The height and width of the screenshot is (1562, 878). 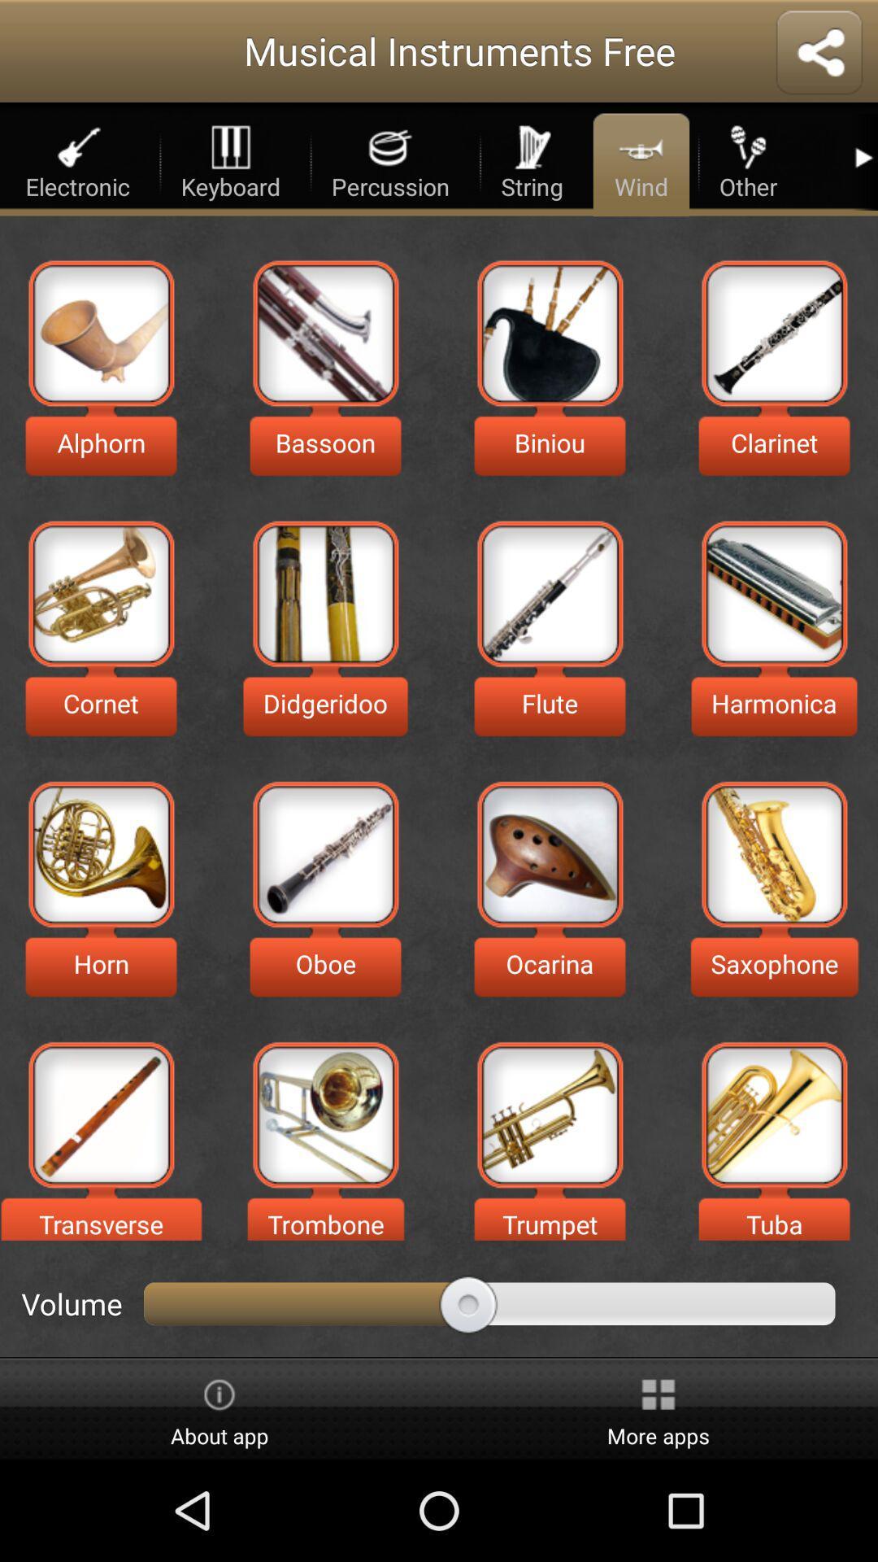 What do you see at coordinates (549, 332) in the screenshot?
I see `choose your choice` at bounding box center [549, 332].